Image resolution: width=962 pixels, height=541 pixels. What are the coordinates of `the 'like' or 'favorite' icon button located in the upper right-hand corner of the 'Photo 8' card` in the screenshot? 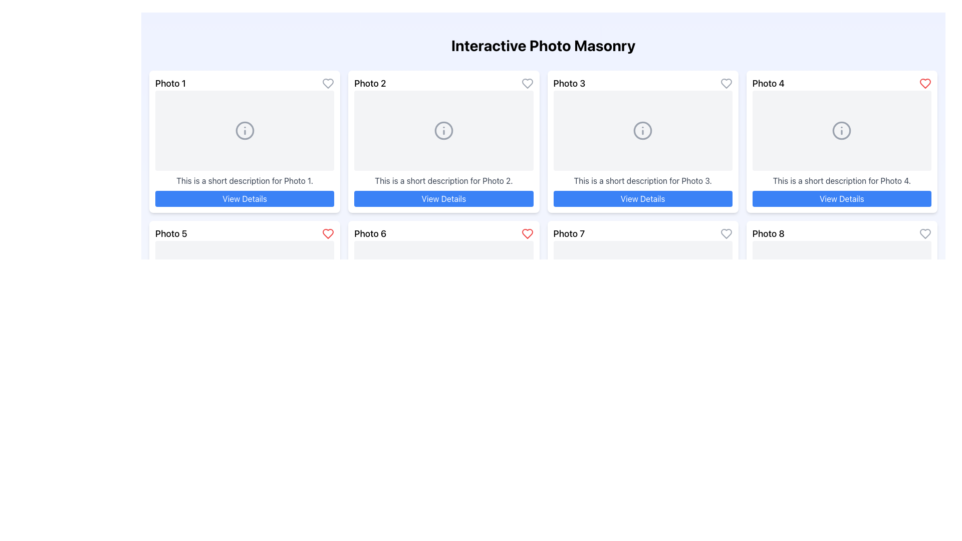 It's located at (925, 233).